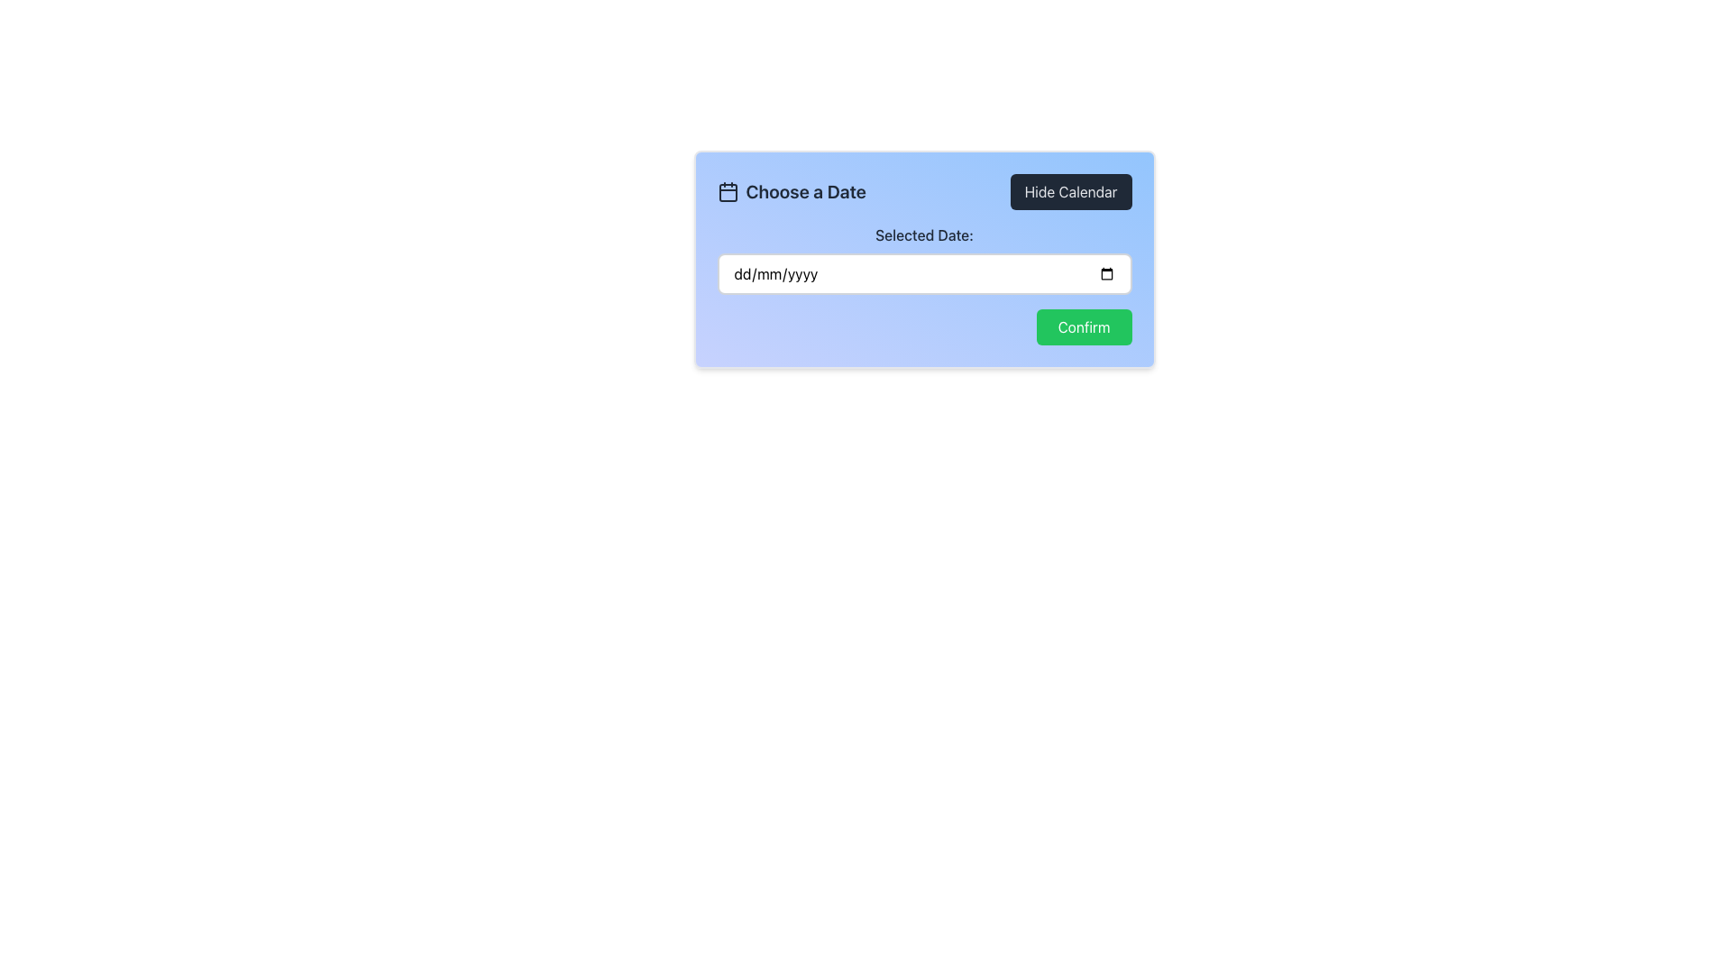 The image size is (1731, 974). Describe the element at coordinates (1083, 326) in the screenshot. I see `the 'Confirm' button located at the bottom-right corner of the modal interface to confirm the action` at that location.